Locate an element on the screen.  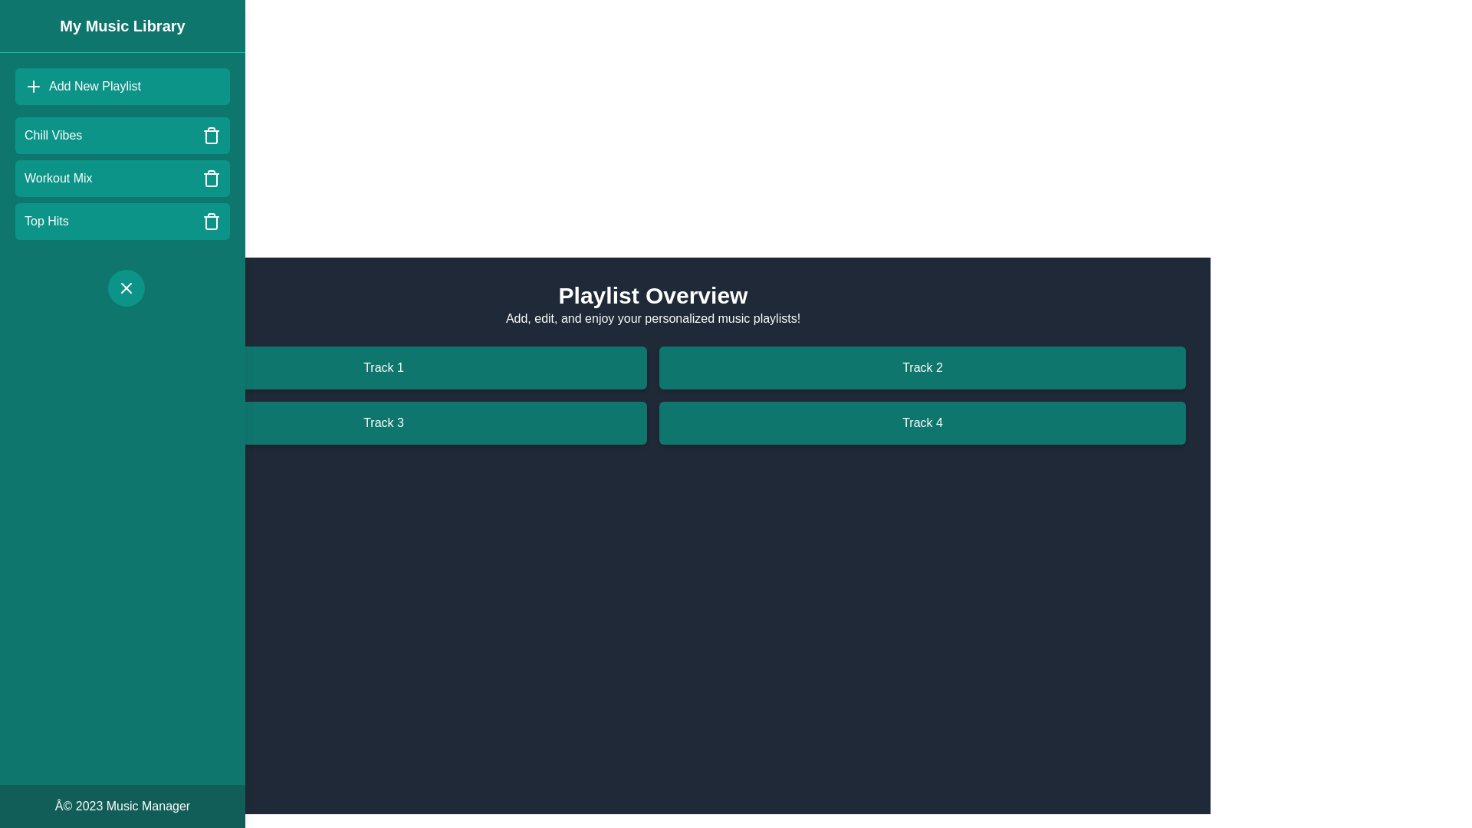
the text heading that serves as the section title for the user's music playlists, which is centered horizontally and located above the subtitle text and track buttons is located at coordinates (652, 295).